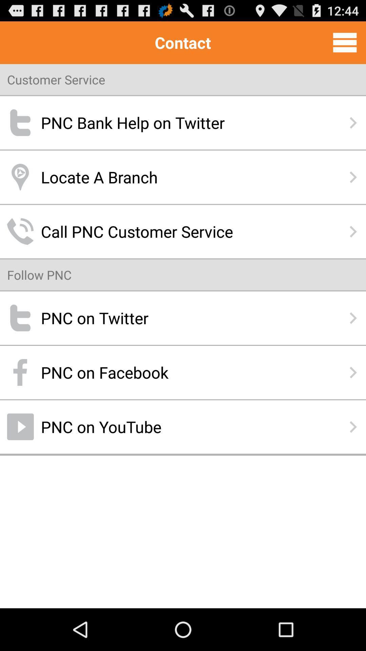 This screenshot has height=651, width=366. I want to click on the icon next to the contact icon, so click(345, 42).